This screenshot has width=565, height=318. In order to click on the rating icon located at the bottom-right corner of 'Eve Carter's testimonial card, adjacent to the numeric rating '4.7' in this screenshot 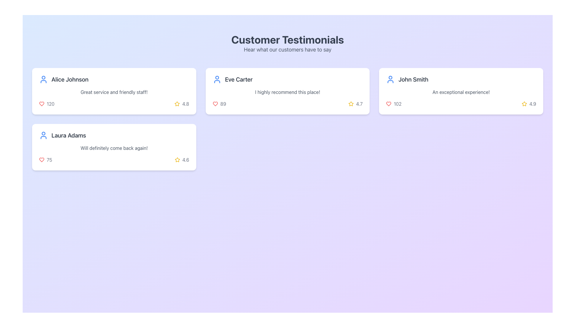, I will do `click(177, 103)`.